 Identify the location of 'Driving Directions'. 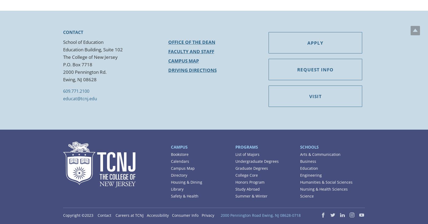
(192, 70).